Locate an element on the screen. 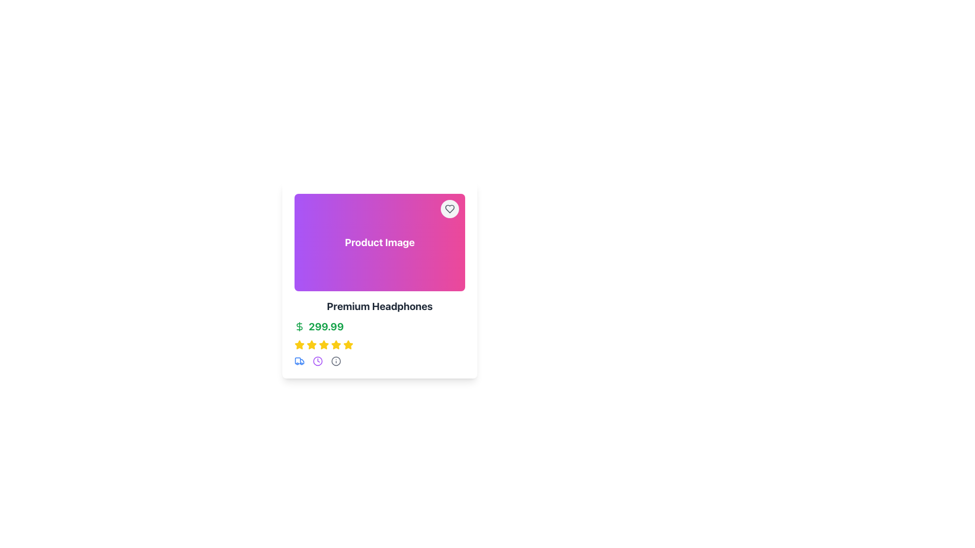  the clock icon representing time-related features located at the bottom part of the card, second from the left in the icon group is located at coordinates (317, 361).